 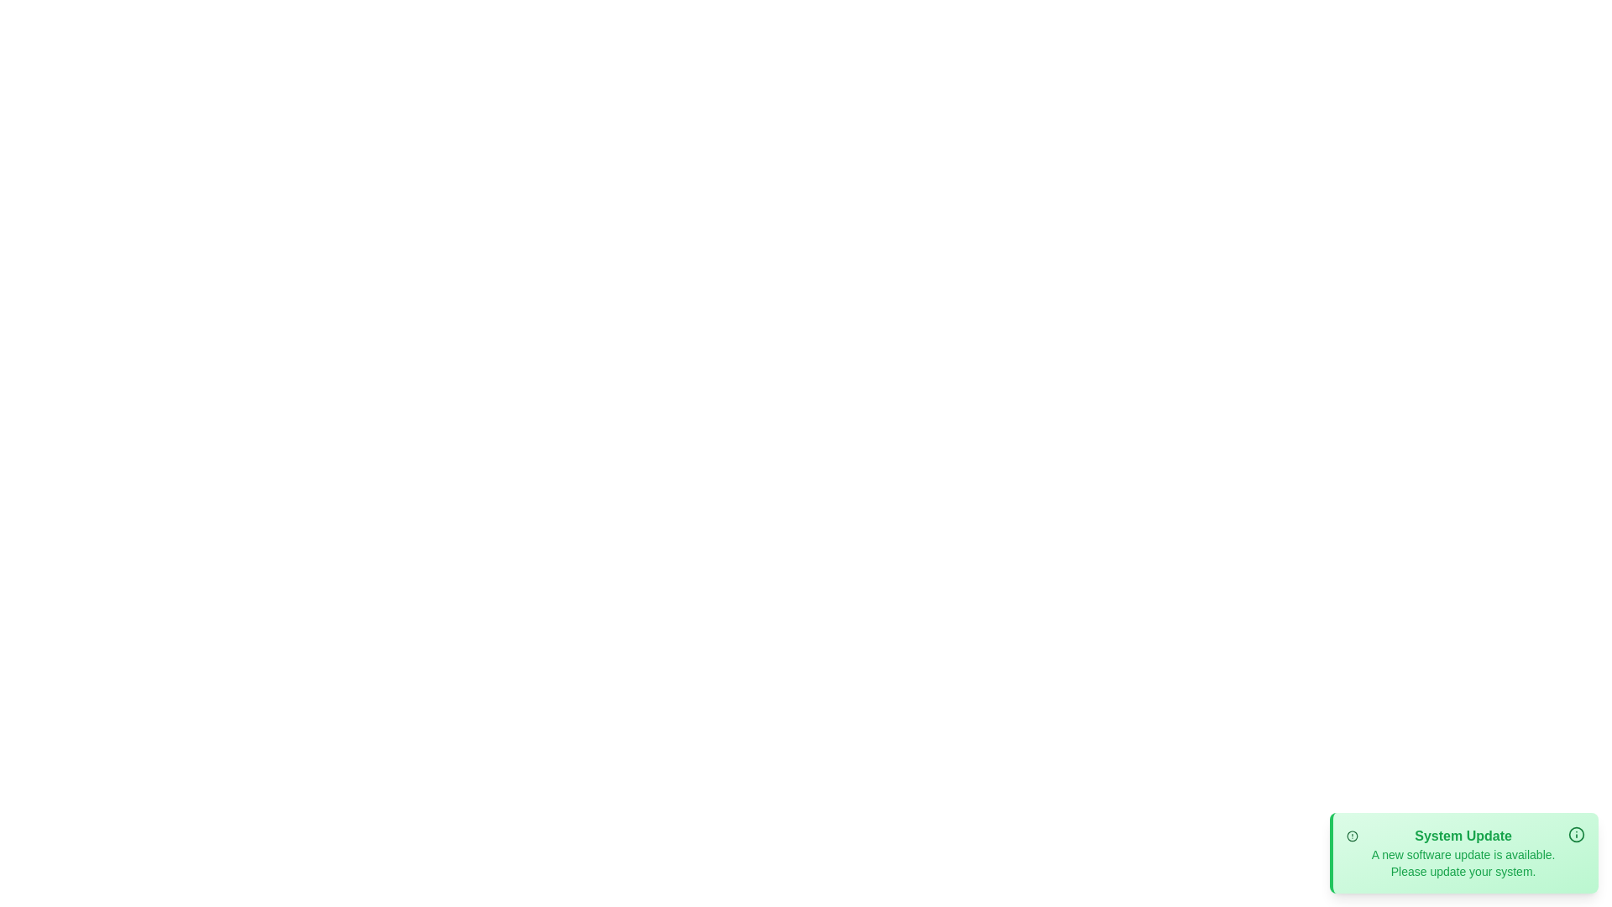 What do you see at coordinates (1575, 835) in the screenshot?
I see `the information button in the notification` at bounding box center [1575, 835].